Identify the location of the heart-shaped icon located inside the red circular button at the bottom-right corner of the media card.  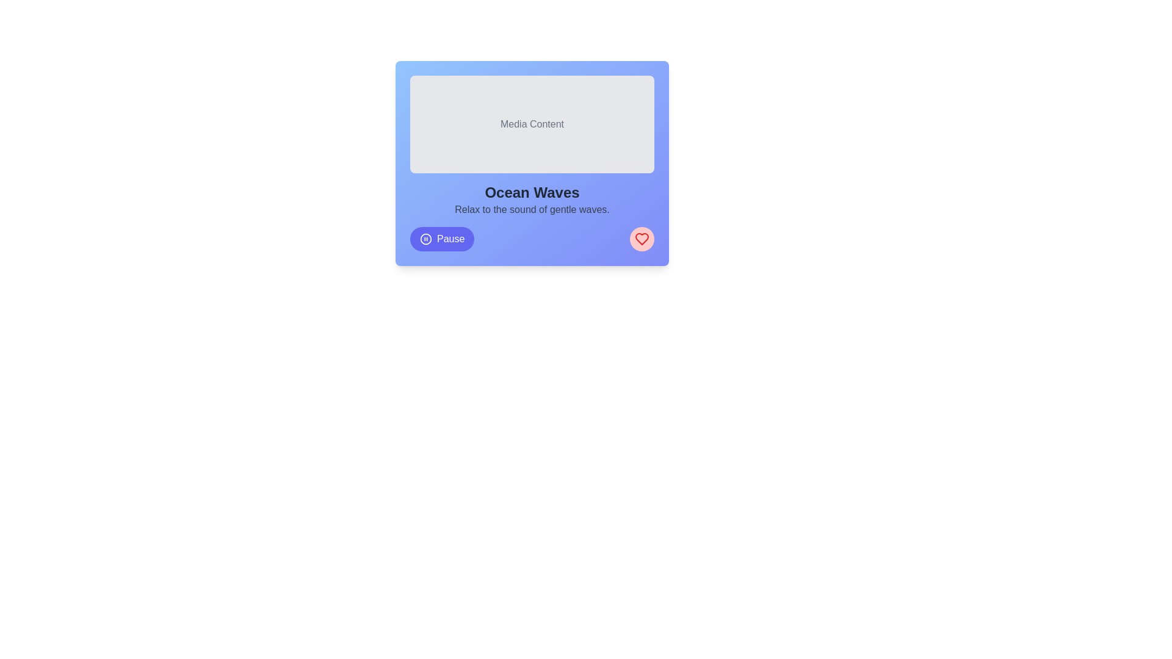
(641, 239).